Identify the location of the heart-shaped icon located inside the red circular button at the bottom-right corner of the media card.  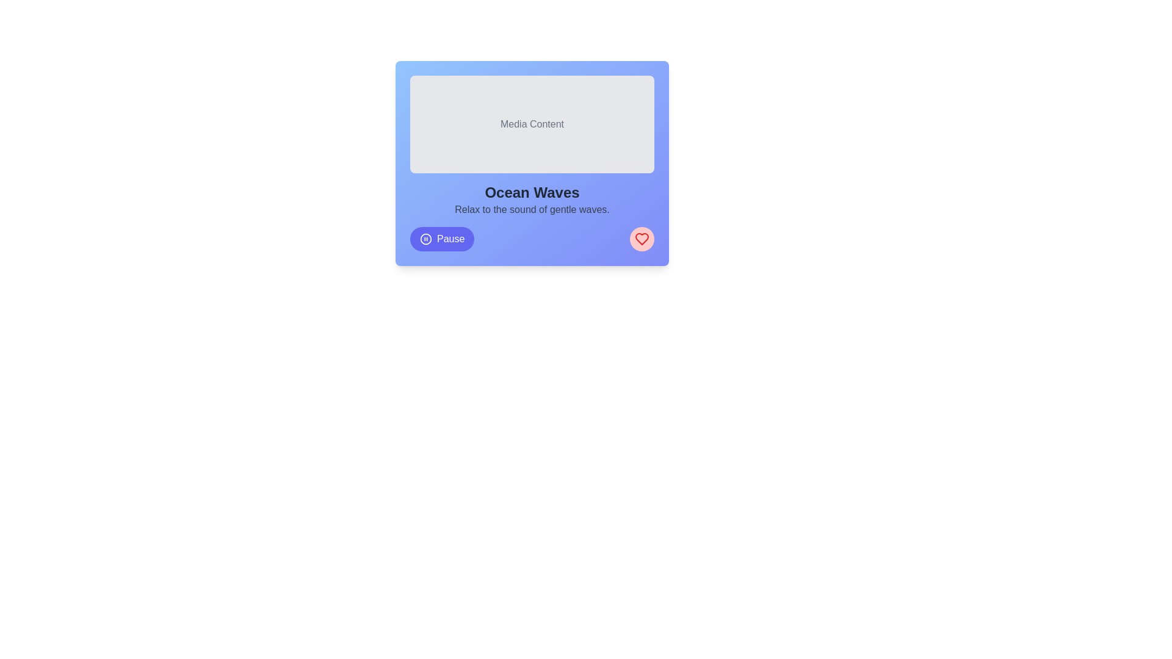
(641, 239).